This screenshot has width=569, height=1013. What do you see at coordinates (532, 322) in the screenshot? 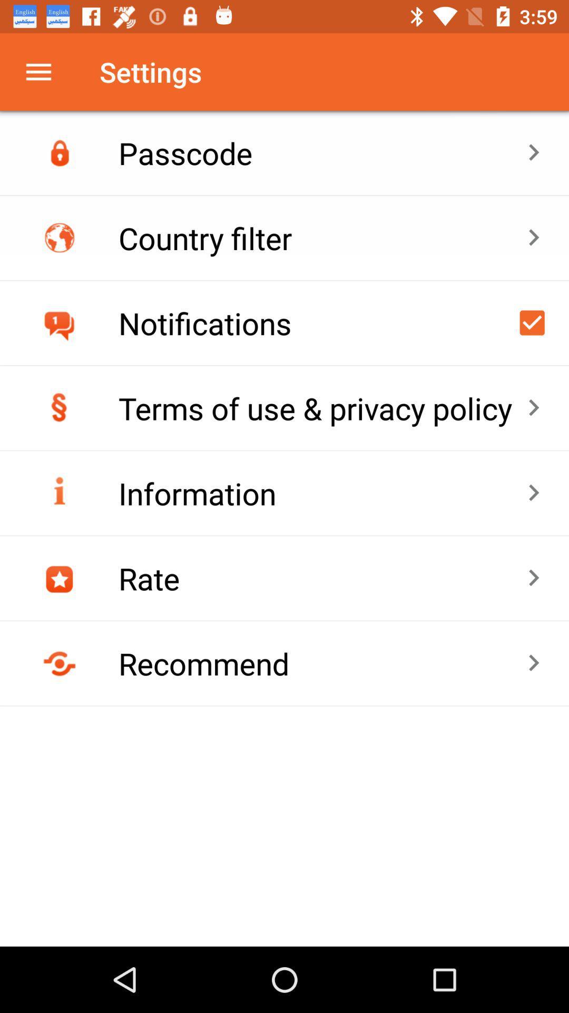
I see `the icon above terms of use` at bounding box center [532, 322].